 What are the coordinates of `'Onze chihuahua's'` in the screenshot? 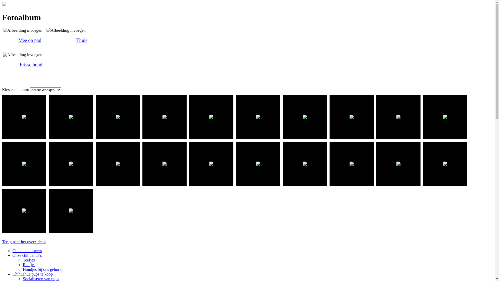 It's located at (27, 255).